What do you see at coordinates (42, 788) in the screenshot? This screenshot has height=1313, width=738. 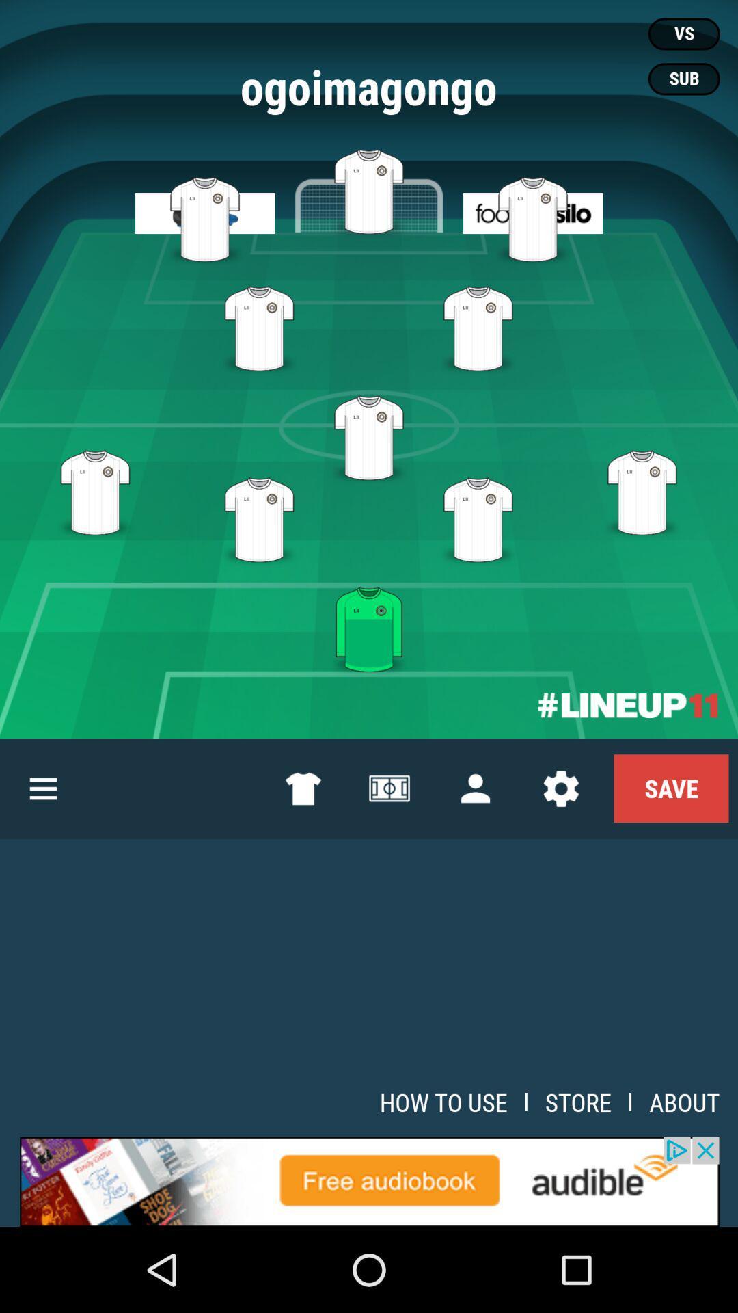 I see `the menu icon` at bounding box center [42, 788].